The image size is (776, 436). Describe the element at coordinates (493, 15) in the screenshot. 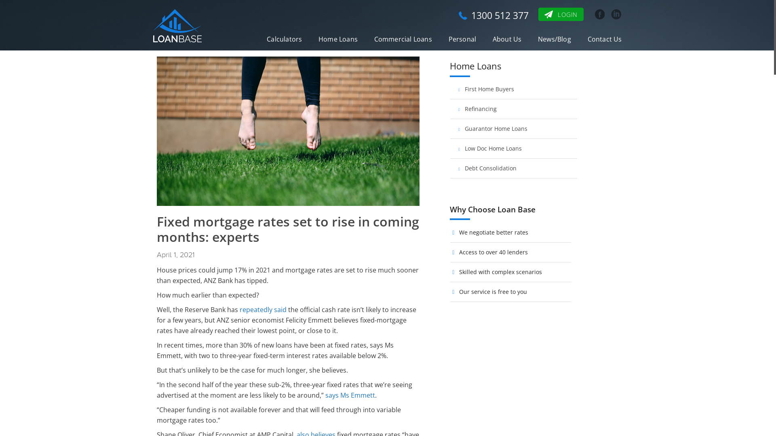

I see `'1300 512 377'` at that location.